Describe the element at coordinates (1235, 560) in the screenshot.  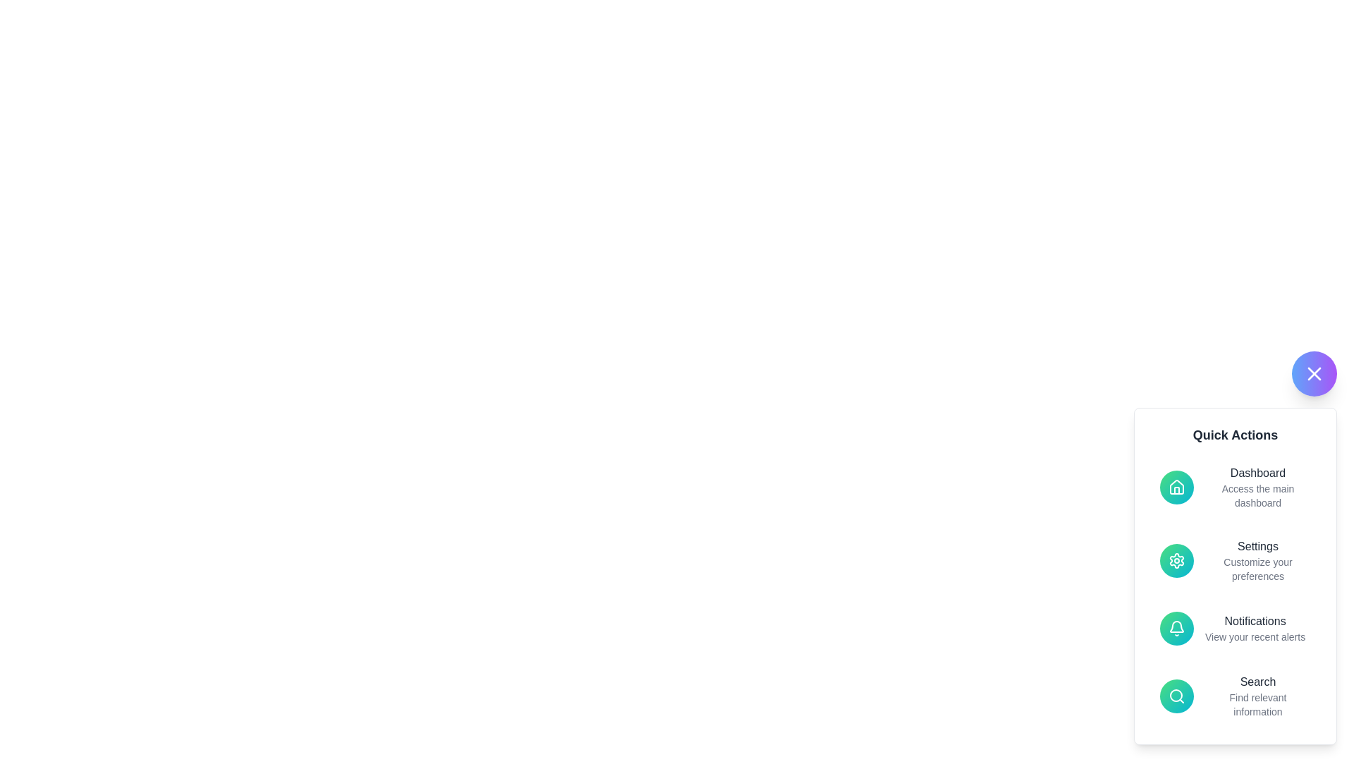
I see `the Settings option from the menu` at that location.